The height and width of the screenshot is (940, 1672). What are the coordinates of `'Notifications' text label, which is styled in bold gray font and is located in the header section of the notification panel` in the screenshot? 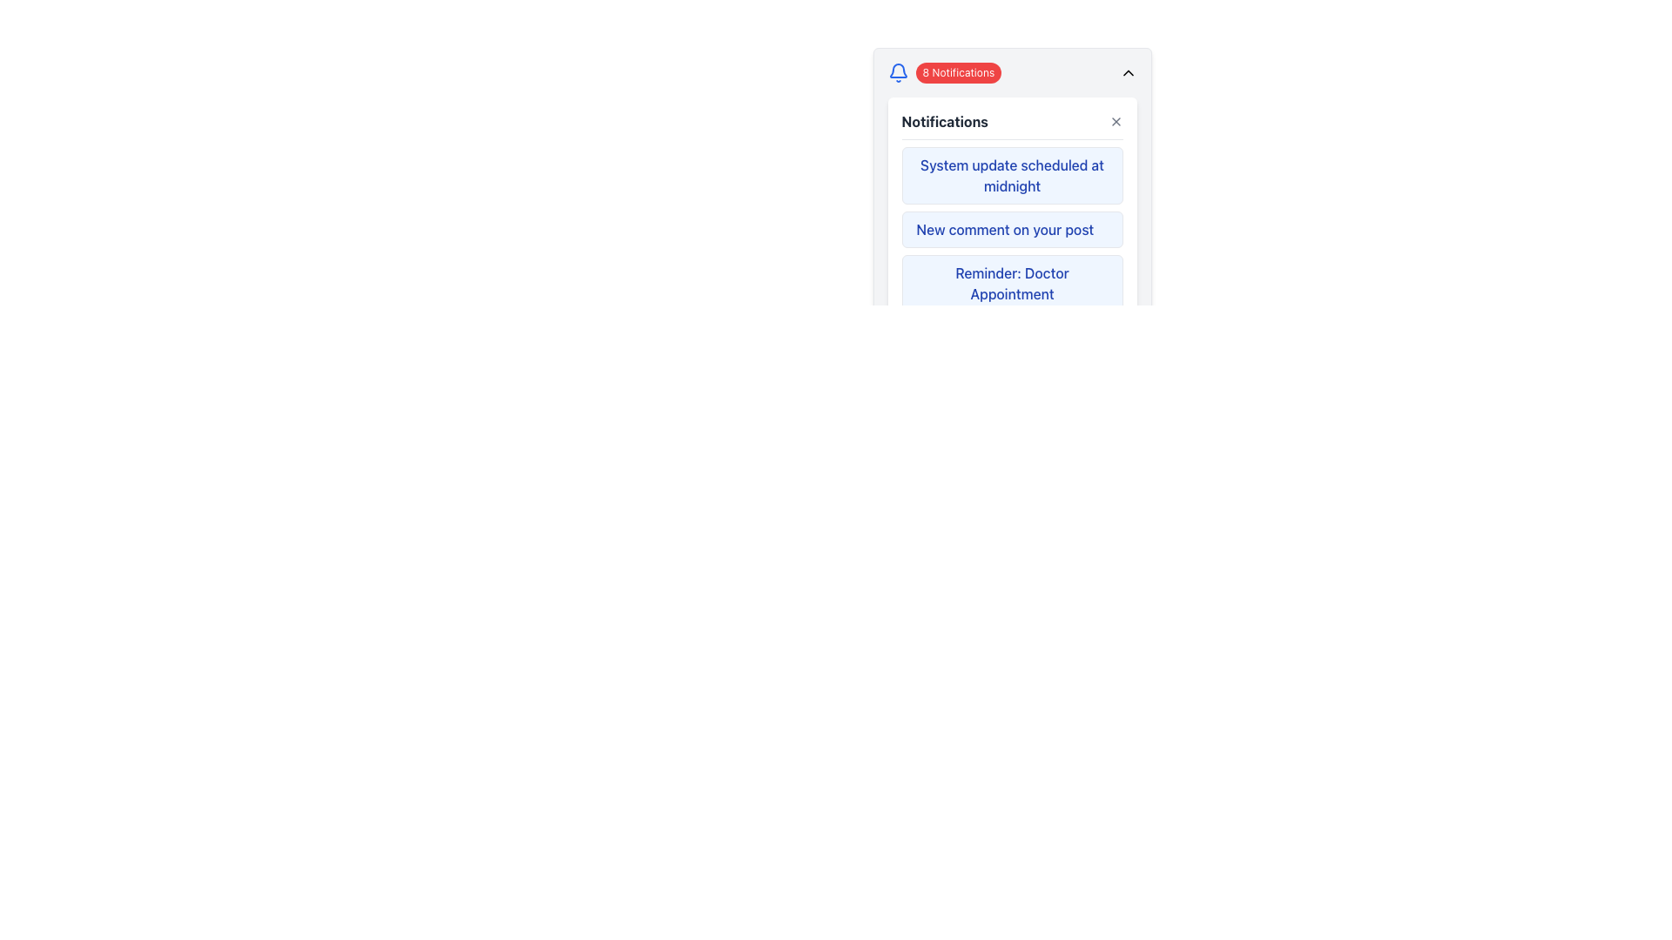 It's located at (944, 120).